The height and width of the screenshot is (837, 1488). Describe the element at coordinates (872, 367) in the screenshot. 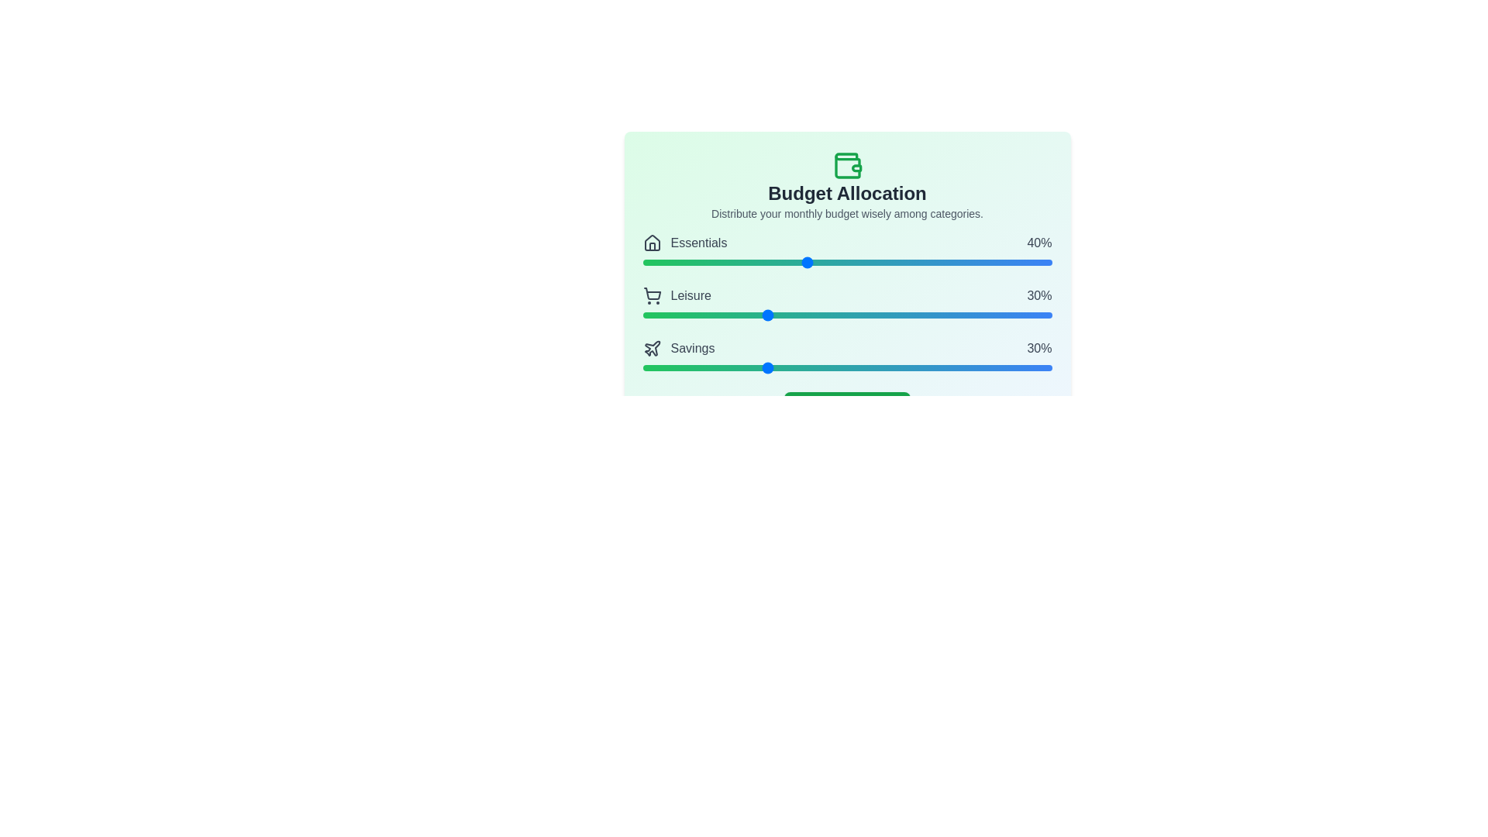

I see `the 'Savings' slider to set its value to 56` at that location.